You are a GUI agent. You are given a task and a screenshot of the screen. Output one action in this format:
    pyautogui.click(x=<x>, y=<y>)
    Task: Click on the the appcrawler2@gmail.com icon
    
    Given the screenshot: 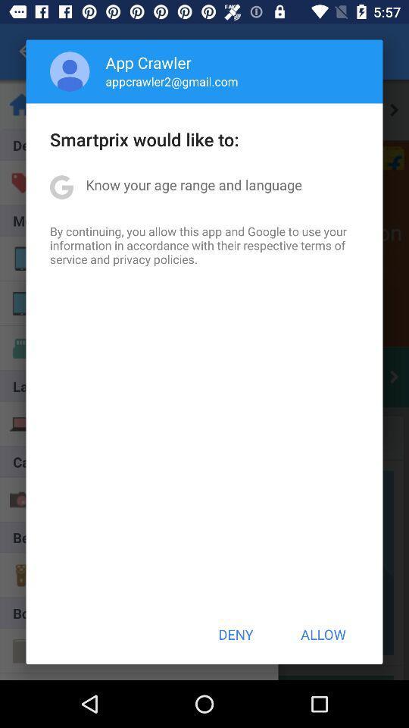 What is the action you would take?
    pyautogui.click(x=171, y=81)
    